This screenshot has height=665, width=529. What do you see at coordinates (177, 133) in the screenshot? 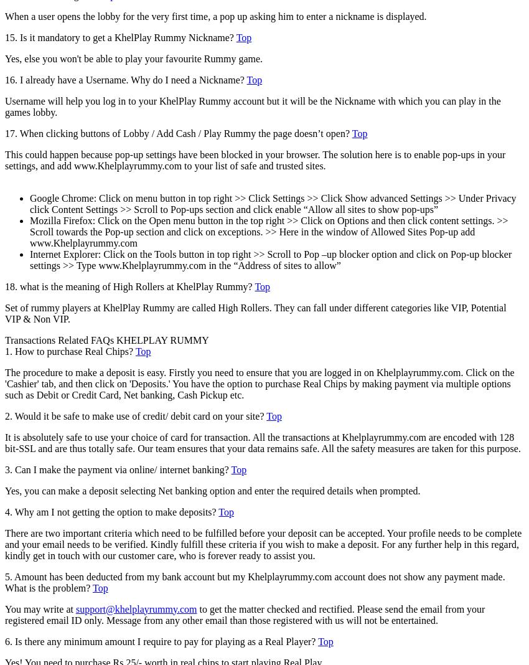
I see `'17. When clicking buttons of Lobby / Add Cash / Play Rummy the page doesn’t open?'` at bounding box center [177, 133].